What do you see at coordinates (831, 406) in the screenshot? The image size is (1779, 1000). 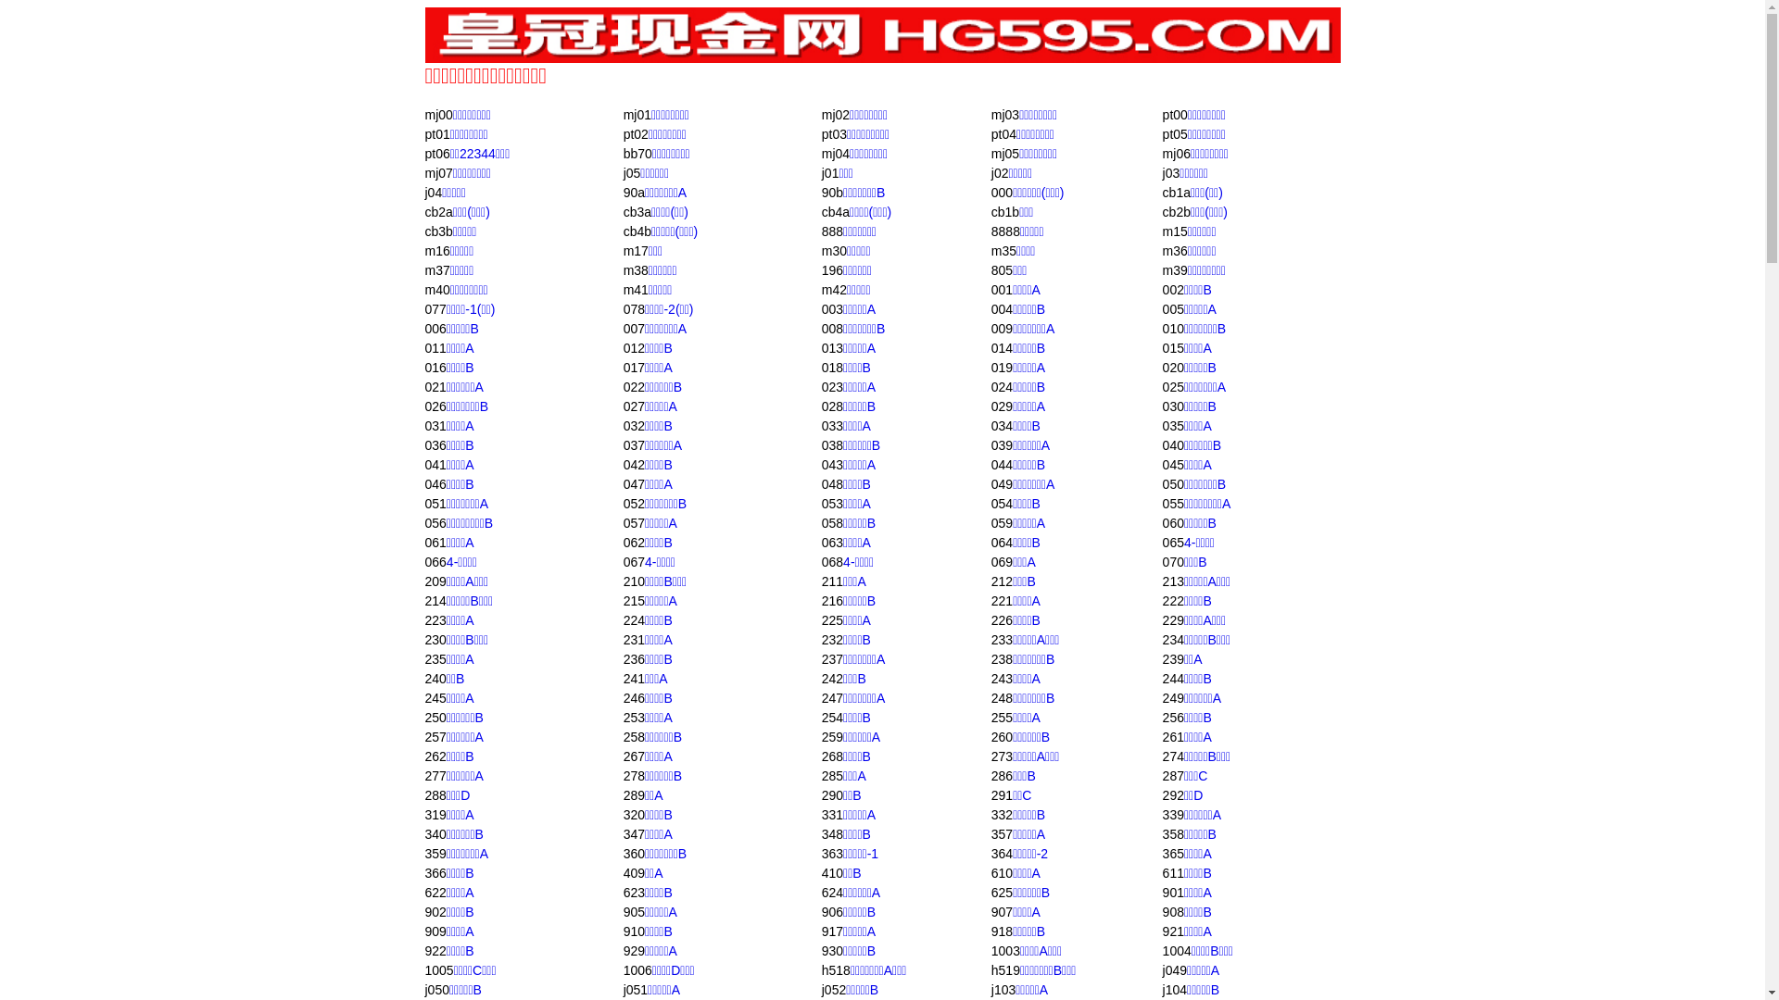 I see `'028'` at bounding box center [831, 406].